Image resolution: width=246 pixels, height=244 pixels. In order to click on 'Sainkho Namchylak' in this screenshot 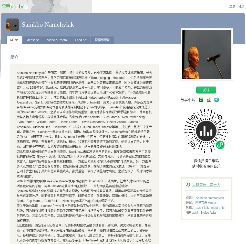, I will do `click(48, 24)`.